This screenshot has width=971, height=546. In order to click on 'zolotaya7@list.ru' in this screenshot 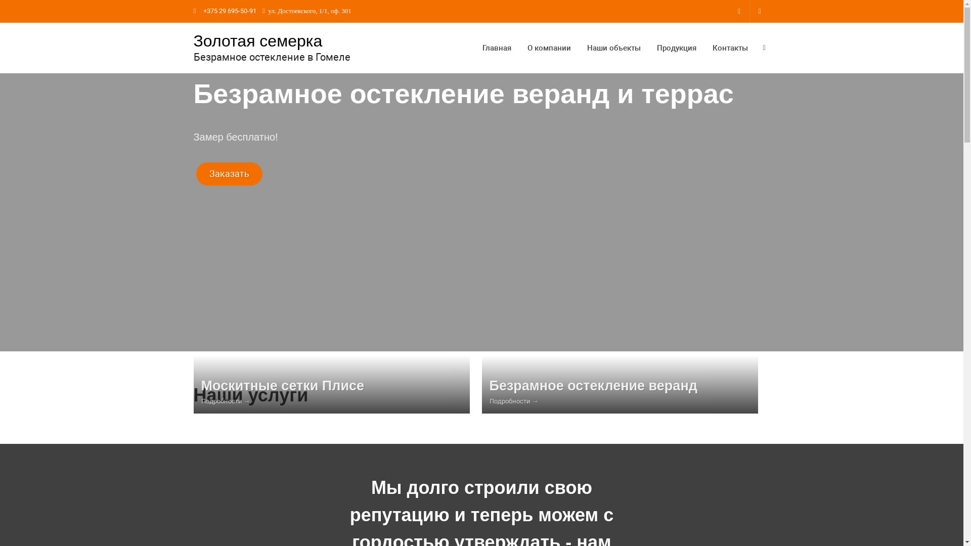, I will do `click(760, 11)`.